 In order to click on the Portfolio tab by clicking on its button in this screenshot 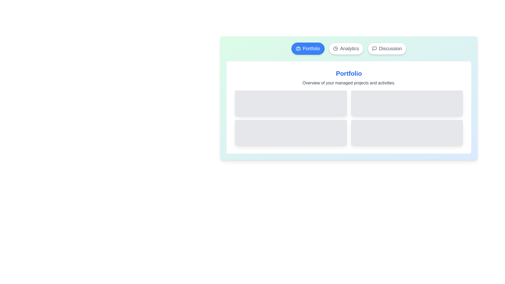, I will do `click(308, 49)`.